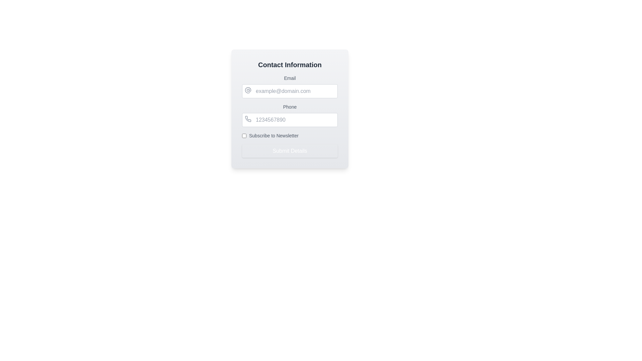 The width and height of the screenshot is (642, 361). I want to click on the text label displaying 'Email', which is styled with a smaller font size and gray color, located above the email input field, so click(290, 78).